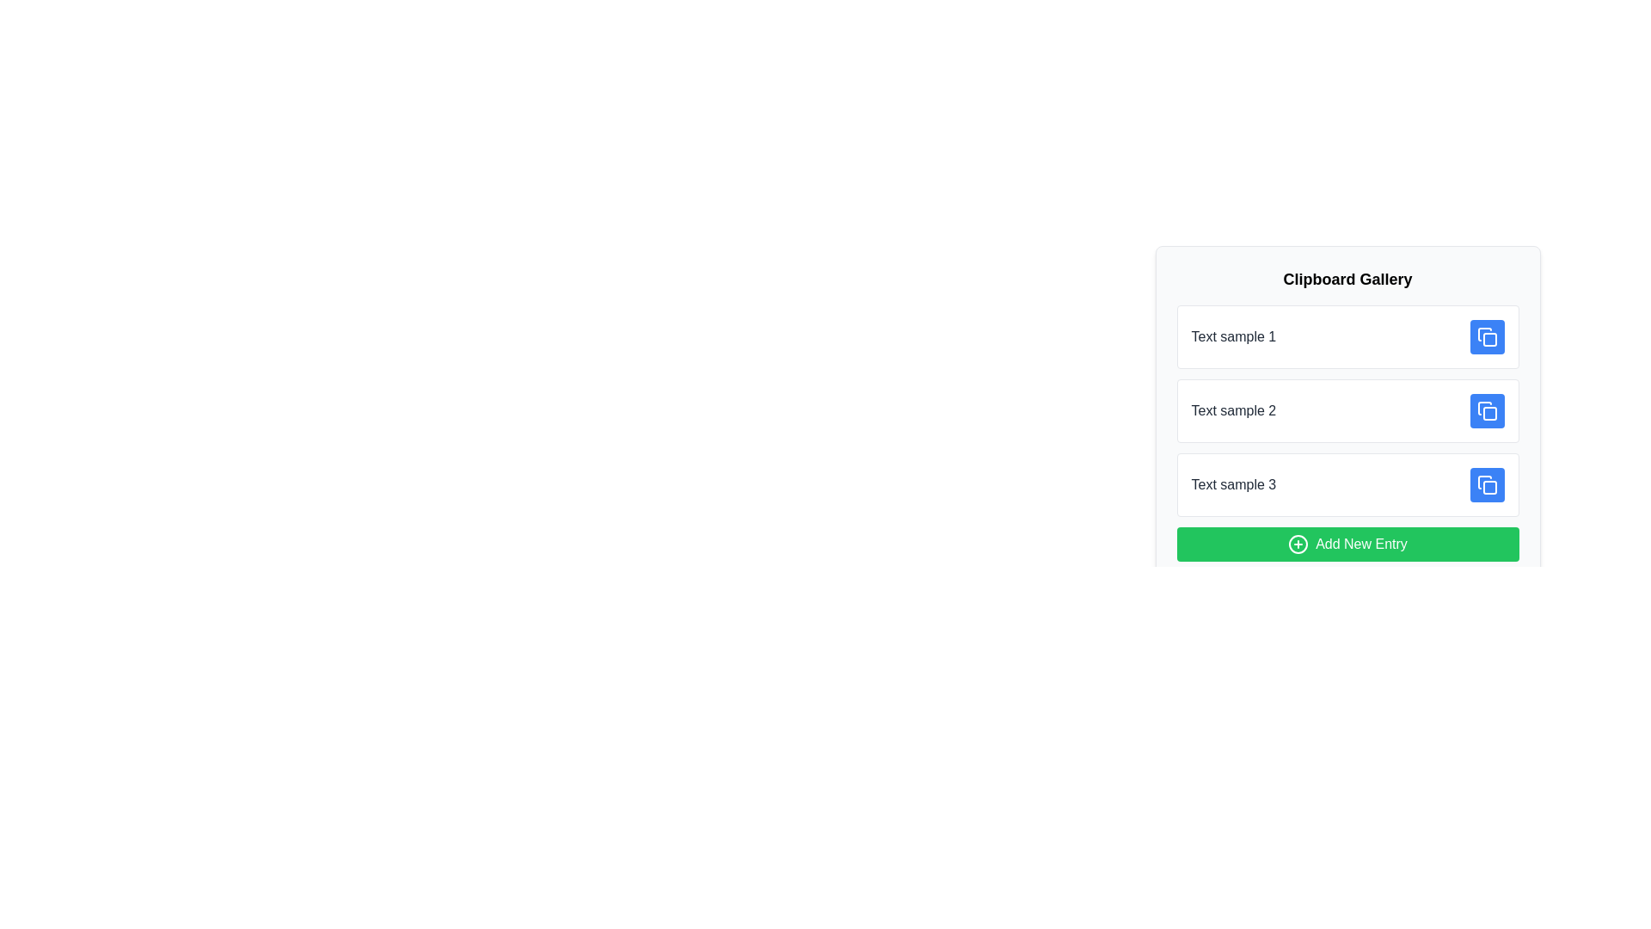 Image resolution: width=1651 pixels, height=929 pixels. I want to click on the action button located at the bottom of the 'Clipboard Gallery' panel, so click(1347, 544).